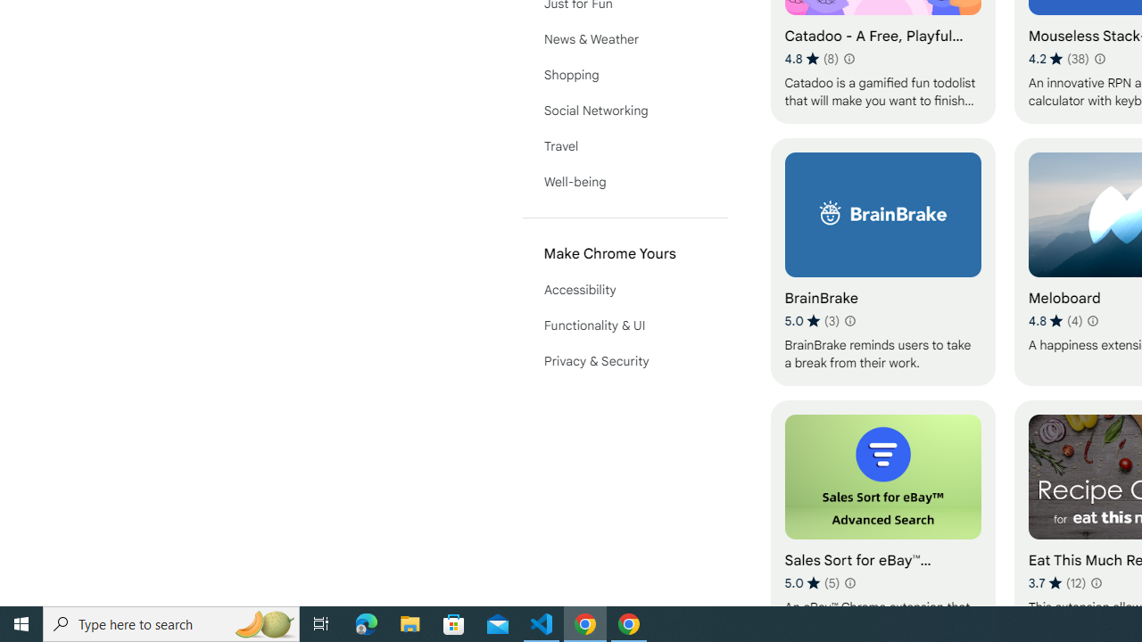 The image size is (1142, 642). Describe the element at coordinates (625, 182) in the screenshot. I see `'Well-being'` at that location.